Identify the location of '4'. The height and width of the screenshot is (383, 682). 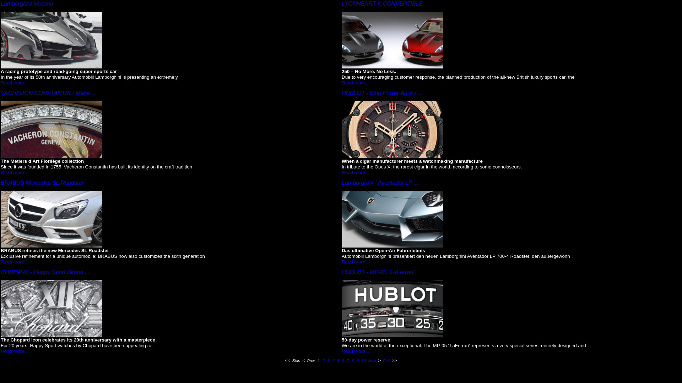
(332, 361).